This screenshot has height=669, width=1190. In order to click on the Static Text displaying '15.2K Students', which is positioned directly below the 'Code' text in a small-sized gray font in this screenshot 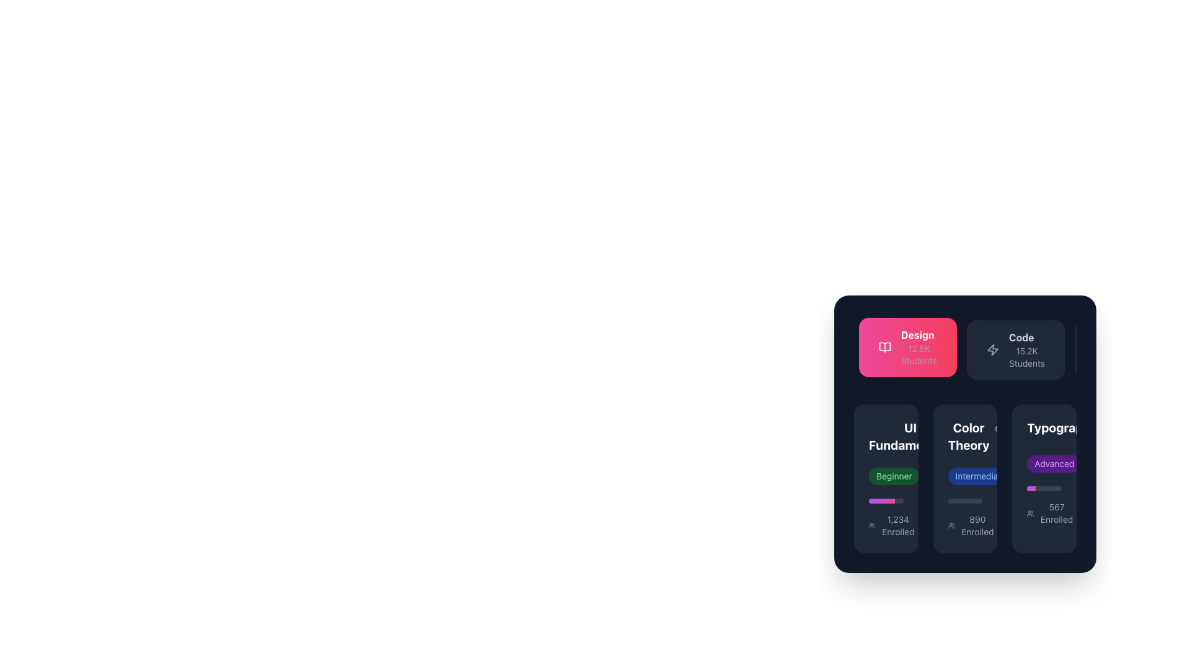, I will do `click(1026, 357)`.